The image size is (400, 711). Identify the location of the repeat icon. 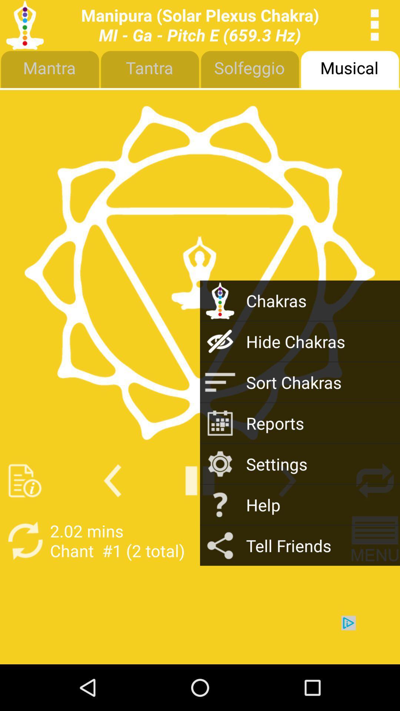
(375, 514).